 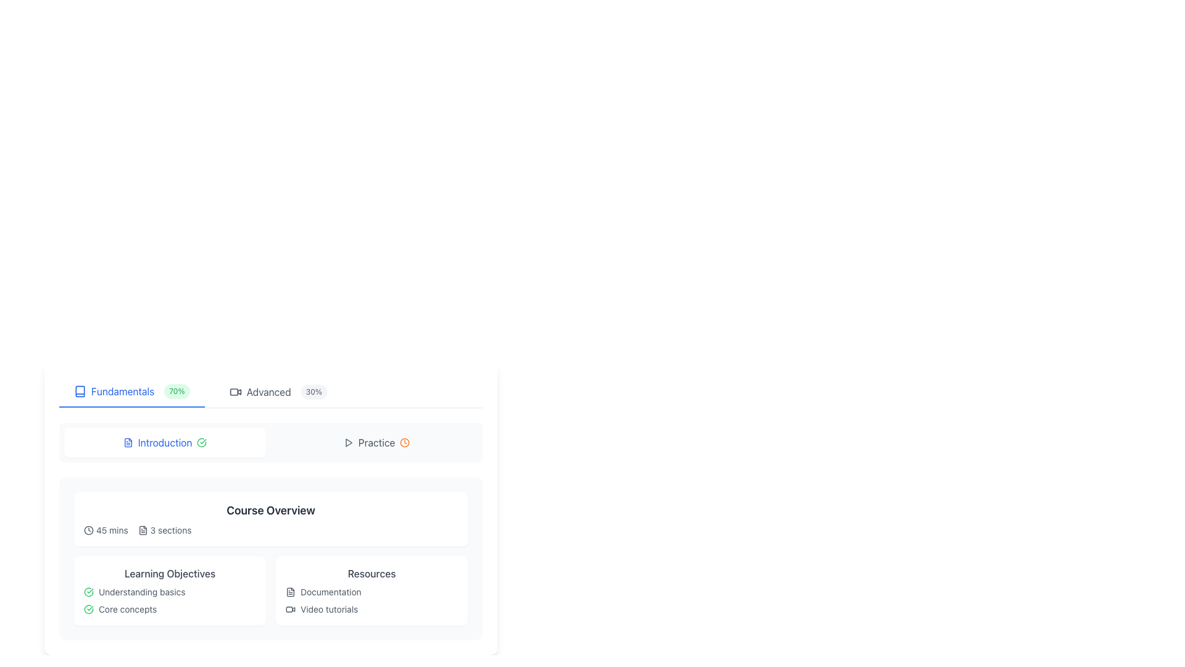 What do you see at coordinates (164, 442) in the screenshot?
I see `the leftmost navigational button to redirect users to the 'Introduction' section of the content or application` at bounding box center [164, 442].